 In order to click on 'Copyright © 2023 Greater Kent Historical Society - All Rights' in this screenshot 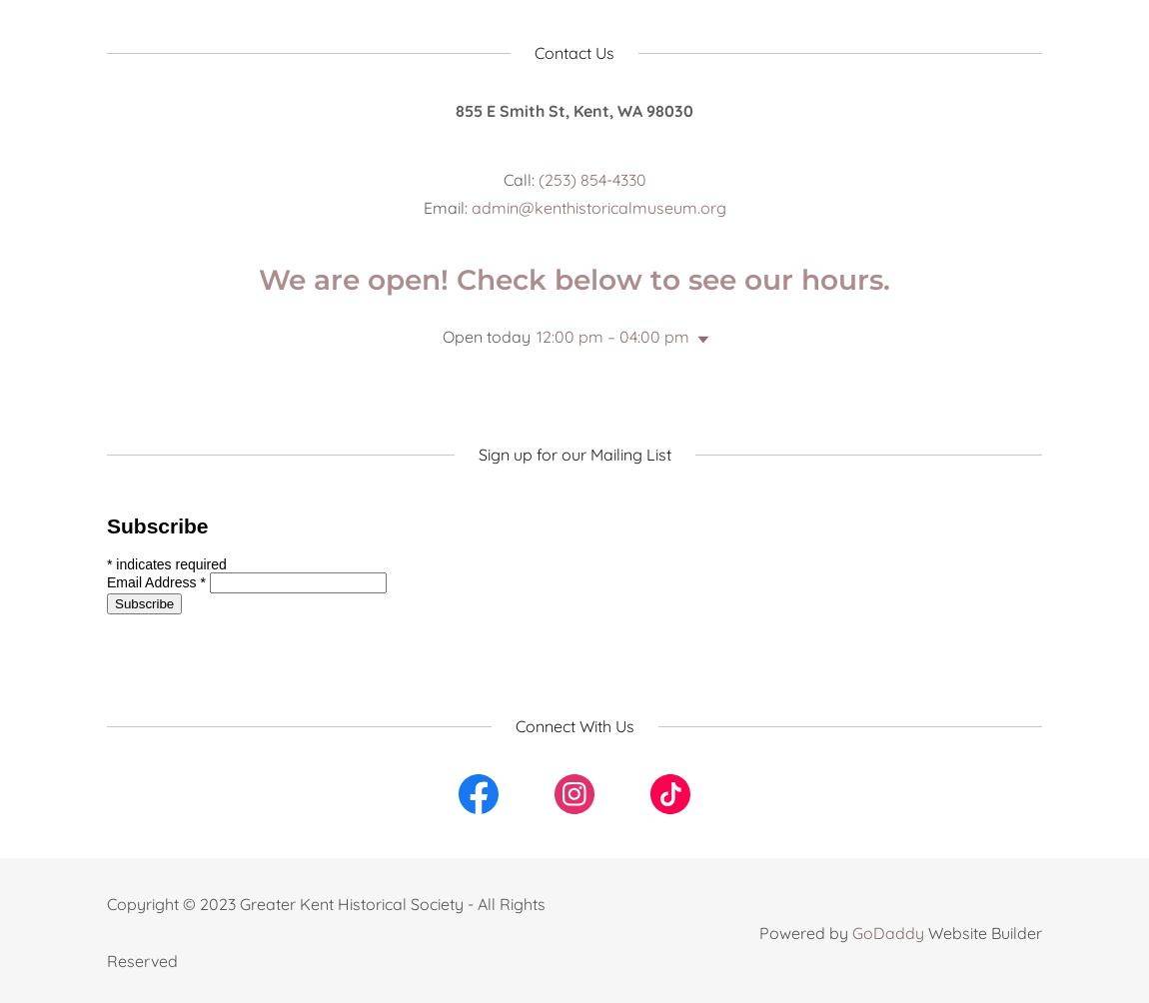, I will do `click(328, 902)`.